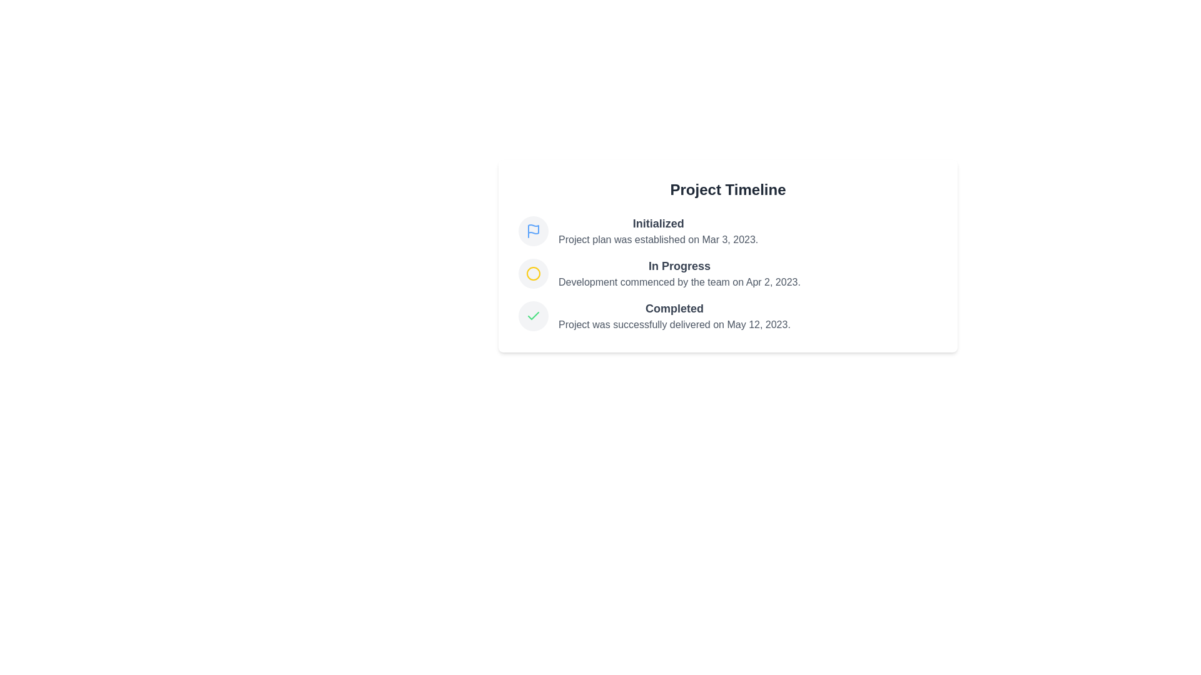 The width and height of the screenshot is (1201, 675). Describe the element at coordinates (657, 231) in the screenshot. I see `the milestone text display that indicates the initialization phase in the project timeline, located next to a flag icon` at that location.